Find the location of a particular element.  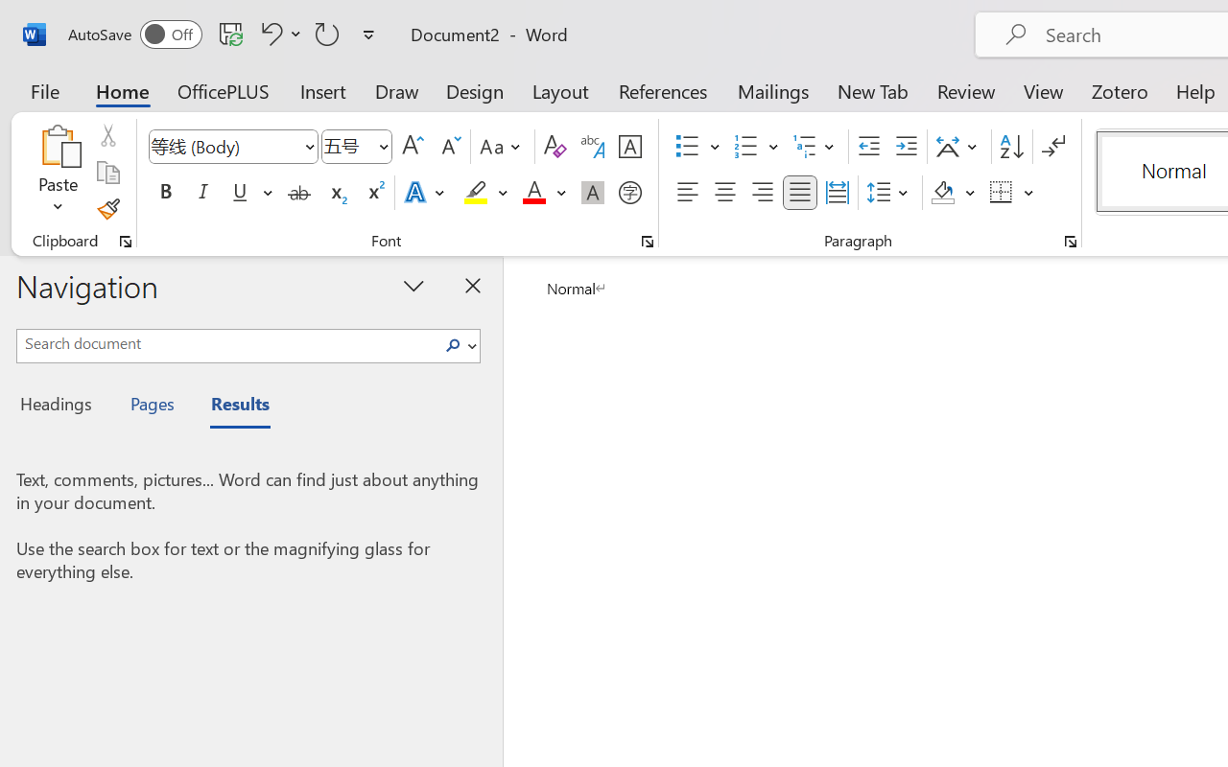

'Grow Font' is located at coordinates (412, 147).